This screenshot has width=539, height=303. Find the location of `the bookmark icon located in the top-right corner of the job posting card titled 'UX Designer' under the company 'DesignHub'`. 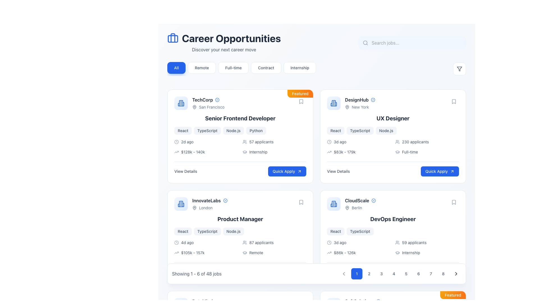

the bookmark icon located in the top-right corner of the job posting card titled 'UX Designer' under the company 'DesignHub' is located at coordinates (454, 102).